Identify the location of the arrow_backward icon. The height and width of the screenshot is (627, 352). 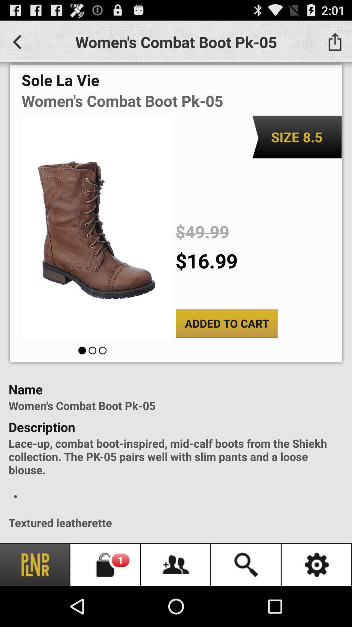
(17, 44).